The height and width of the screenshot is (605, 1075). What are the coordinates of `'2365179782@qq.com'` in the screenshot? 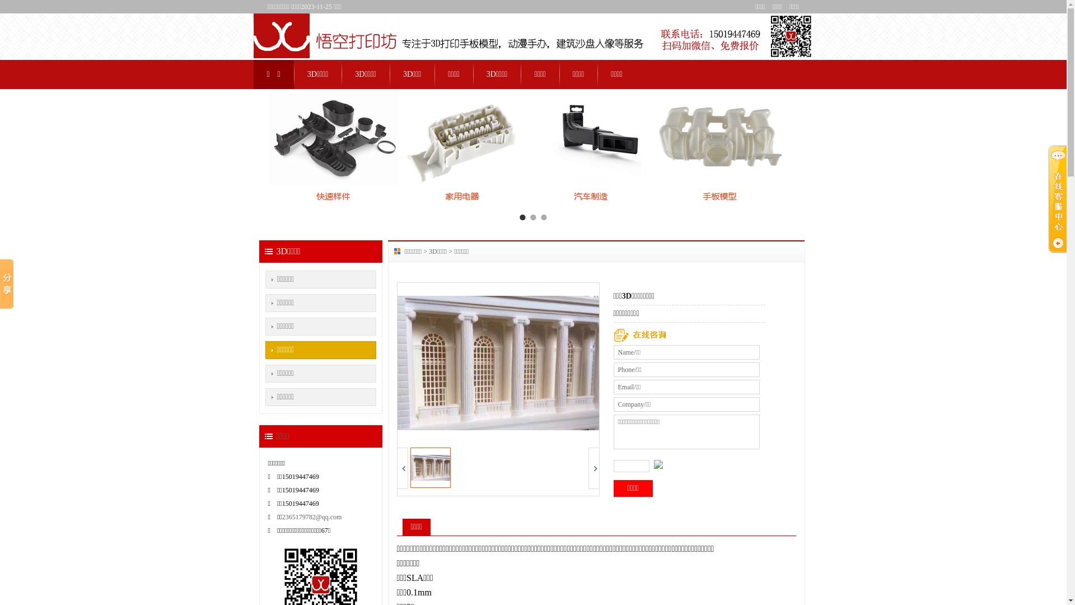 It's located at (312, 516).